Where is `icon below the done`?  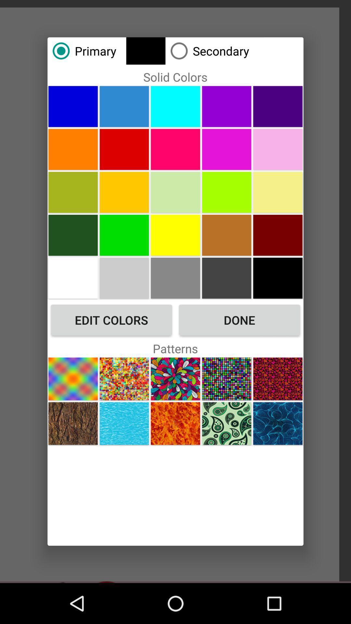
icon below the done is located at coordinates (226, 379).